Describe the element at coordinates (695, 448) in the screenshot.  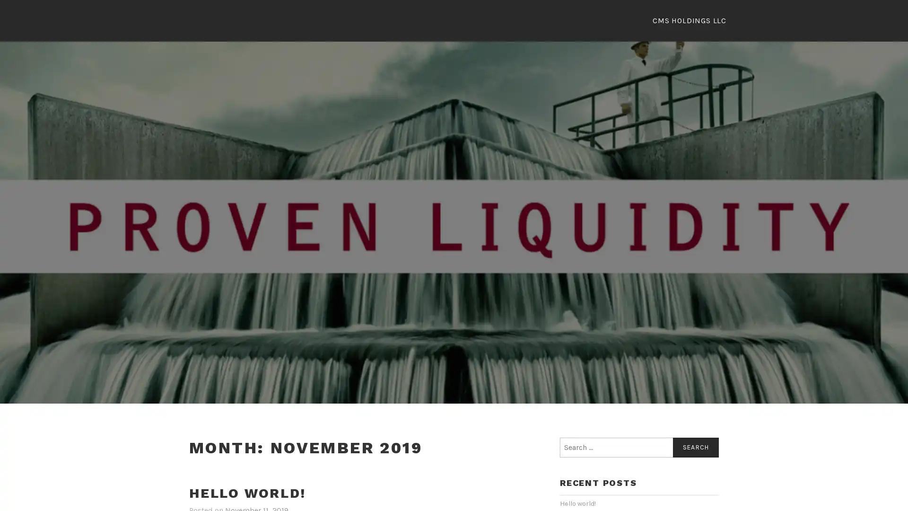
I see `Search` at that location.